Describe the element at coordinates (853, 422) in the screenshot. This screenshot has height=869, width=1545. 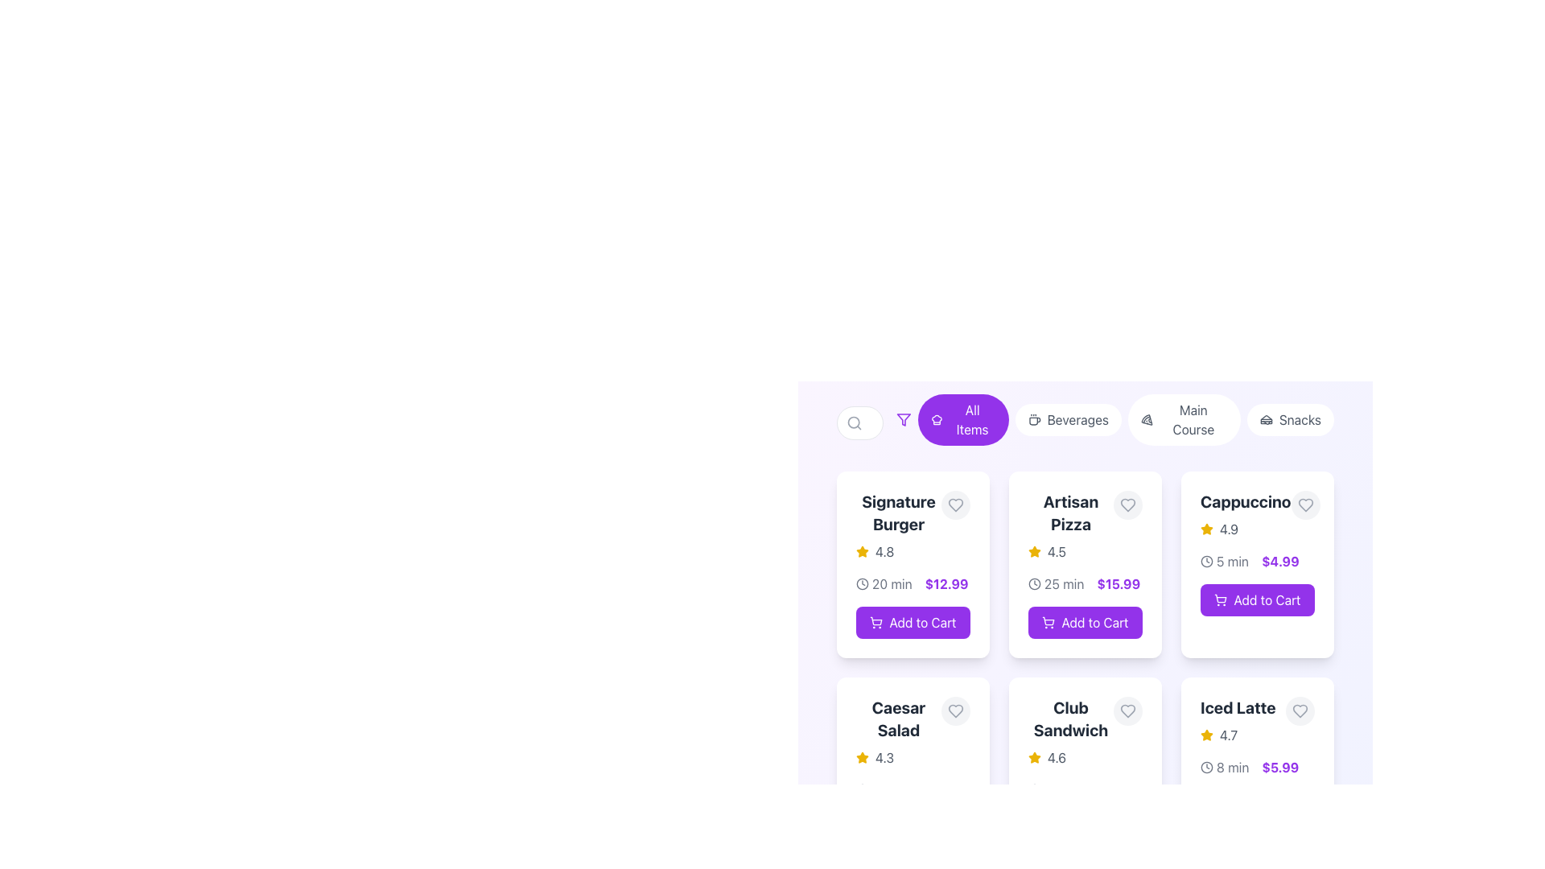
I see `the magnifying glass icon located at the left side of the search input field` at that location.